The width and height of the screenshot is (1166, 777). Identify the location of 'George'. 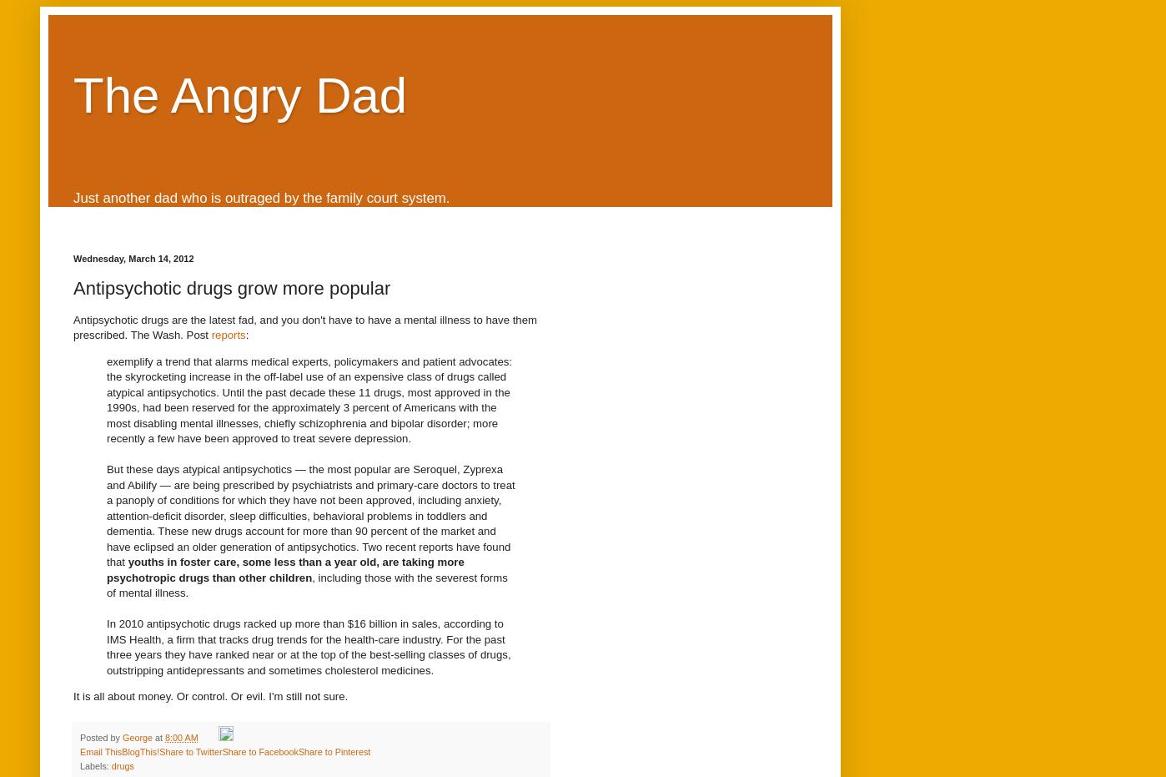
(137, 736).